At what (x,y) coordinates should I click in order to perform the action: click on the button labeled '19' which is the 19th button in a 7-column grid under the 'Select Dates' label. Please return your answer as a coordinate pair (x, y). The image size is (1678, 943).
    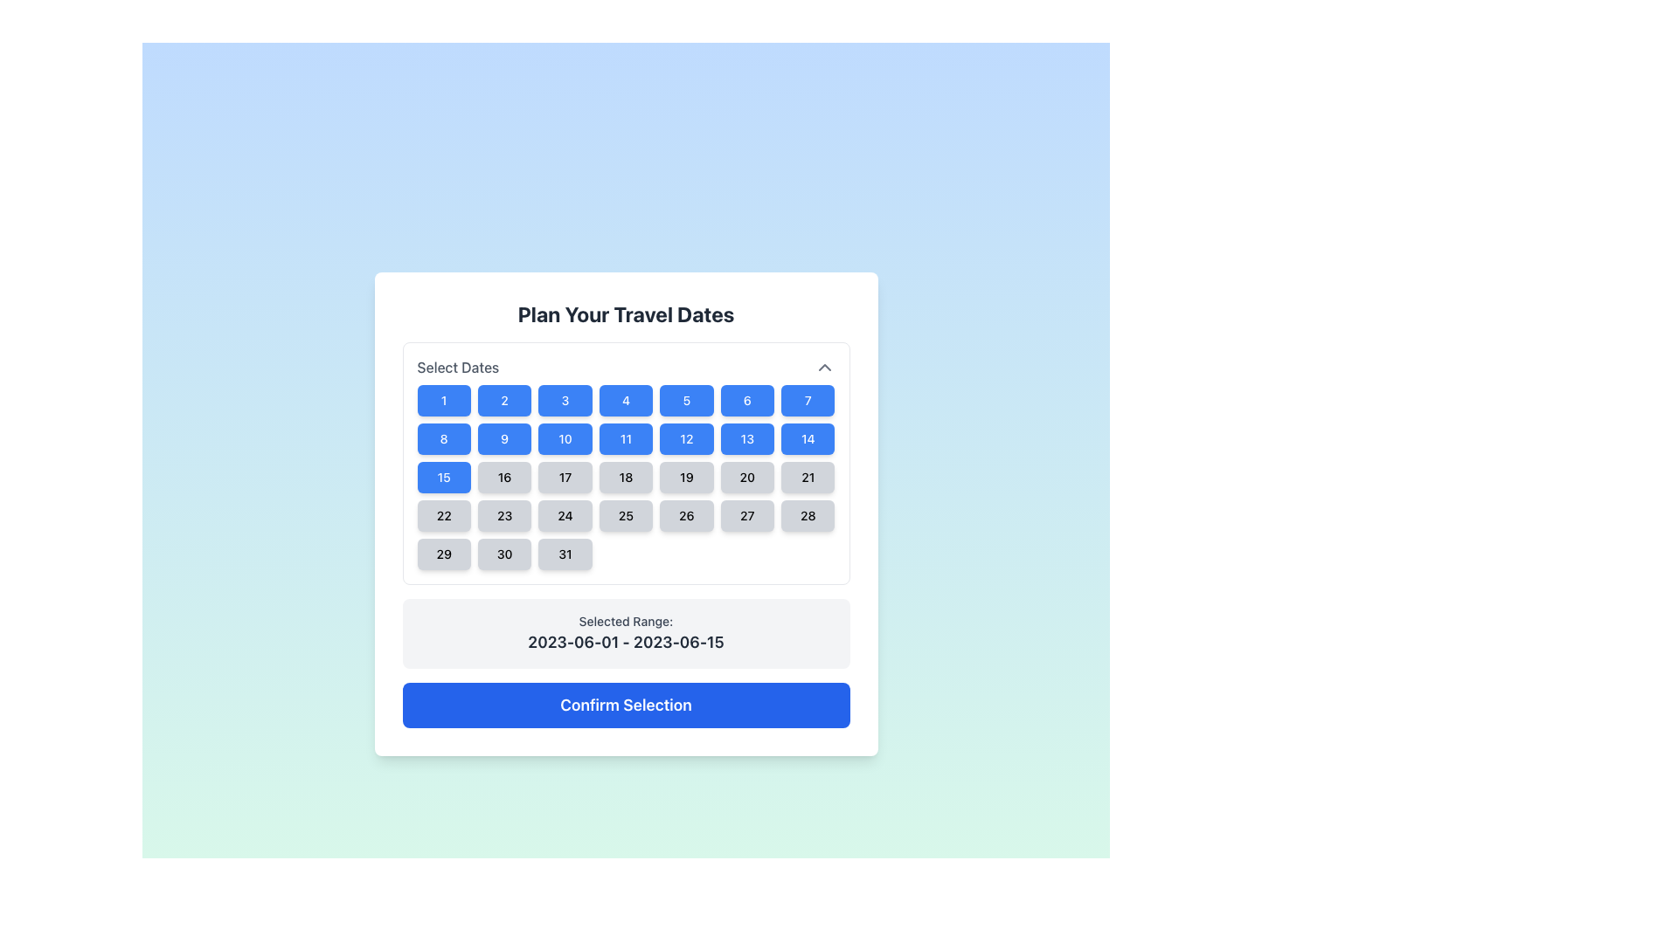
    Looking at the image, I should click on (685, 478).